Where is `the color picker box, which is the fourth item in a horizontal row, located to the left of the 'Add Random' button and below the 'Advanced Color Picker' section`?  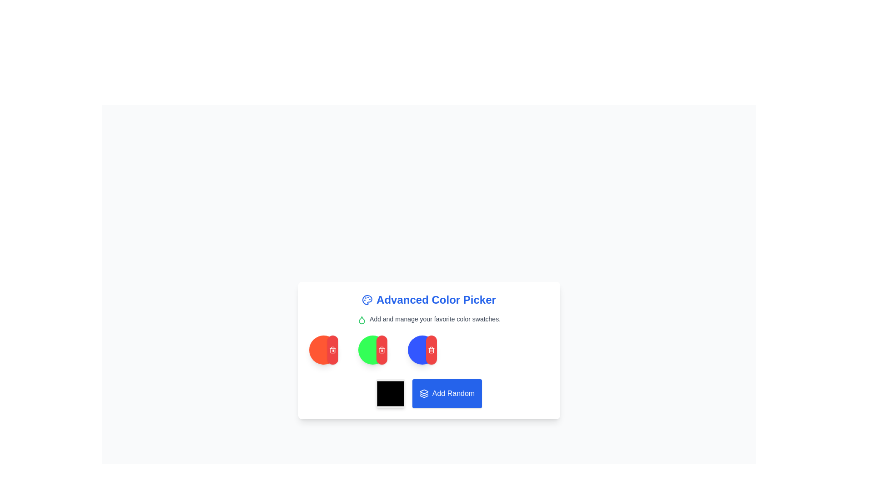 the color picker box, which is the fourth item in a horizontal row, located to the left of the 'Add Random' button and below the 'Advanced Color Picker' section is located at coordinates (390, 393).